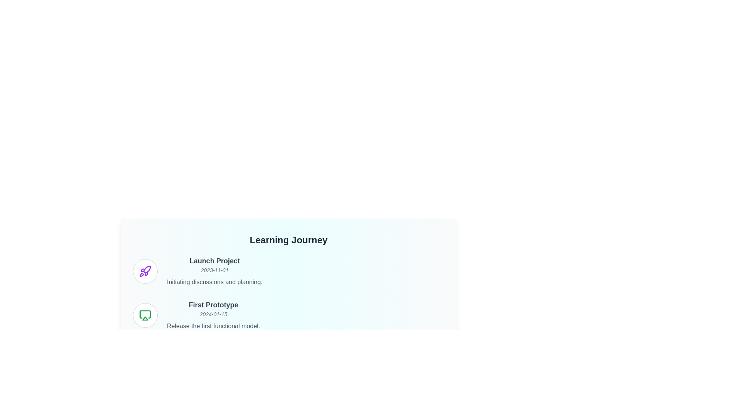  What do you see at coordinates (213, 315) in the screenshot?
I see `the label element displaying the title 'First Prototype', which includes the date '2024-01-15' and the description 'Release the first functional model.'` at bounding box center [213, 315].